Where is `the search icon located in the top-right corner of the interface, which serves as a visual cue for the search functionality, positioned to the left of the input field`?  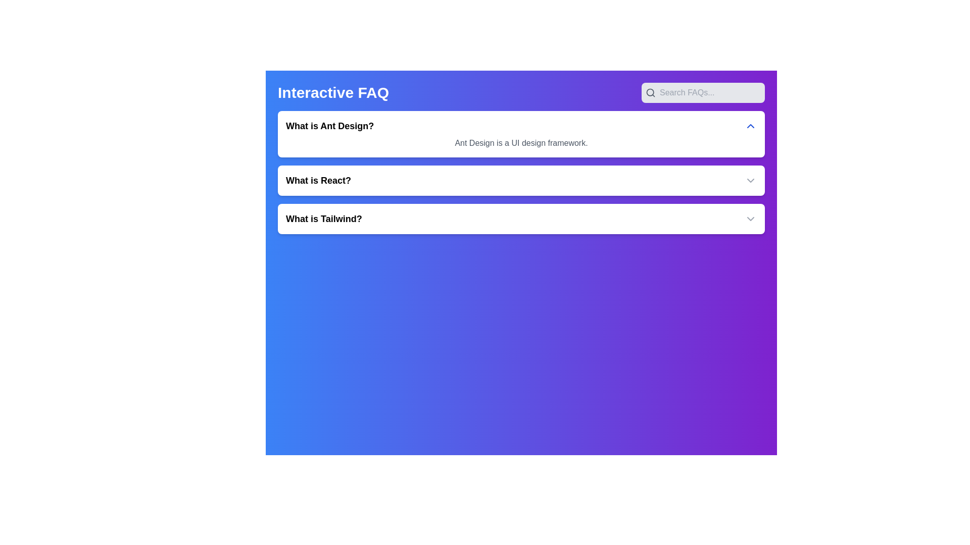 the search icon located in the top-right corner of the interface, which serves as a visual cue for the search functionality, positioned to the left of the input field is located at coordinates (650, 93).